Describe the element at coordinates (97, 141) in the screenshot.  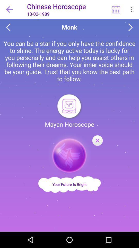
I see `colos page` at that location.